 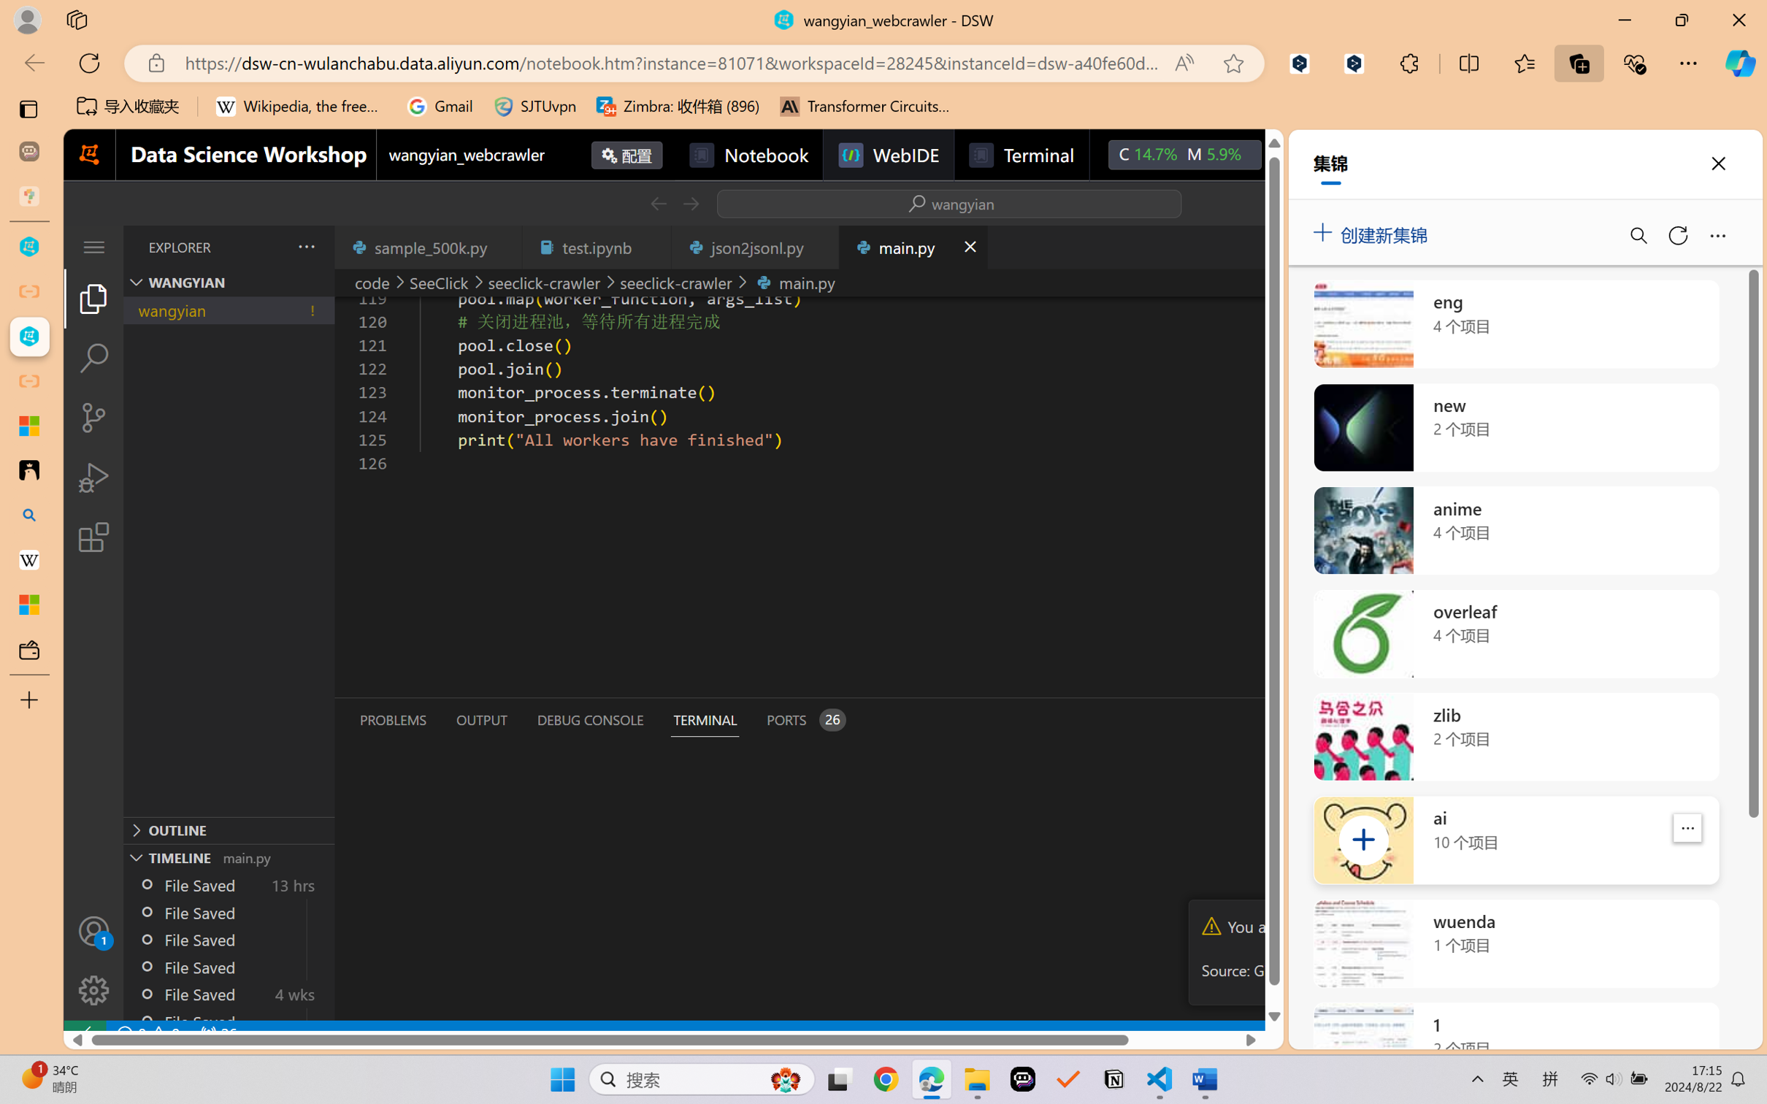 I want to click on 'Earth - Wikipedia', so click(x=28, y=559).